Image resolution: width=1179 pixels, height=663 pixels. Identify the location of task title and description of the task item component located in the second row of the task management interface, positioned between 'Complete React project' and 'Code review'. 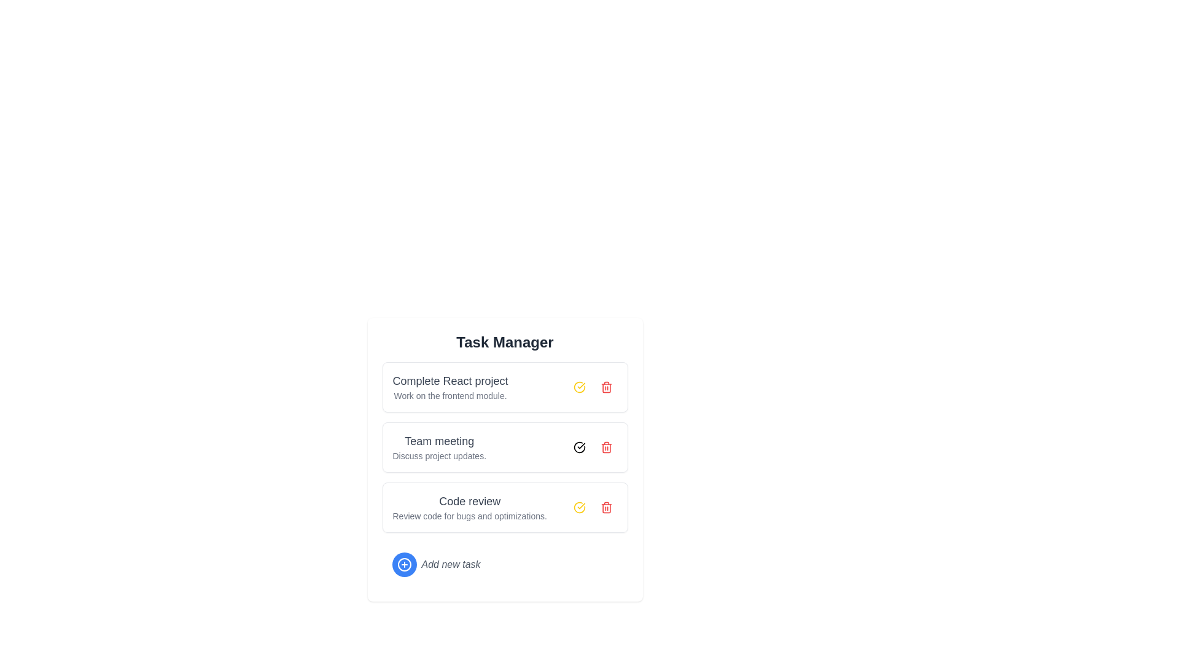
(505, 448).